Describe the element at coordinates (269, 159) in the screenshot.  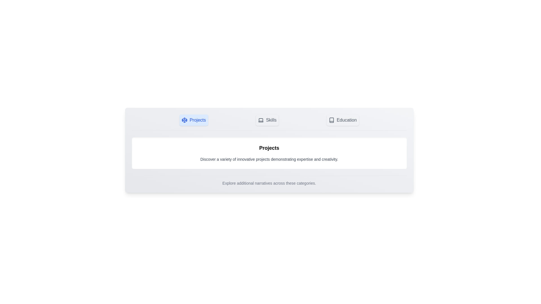
I see `text element that displays 'Discover a variety of innovative projects demonstrating expertise and creativity.' located within the white card section beneath the heading 'Projects.'` at that location.